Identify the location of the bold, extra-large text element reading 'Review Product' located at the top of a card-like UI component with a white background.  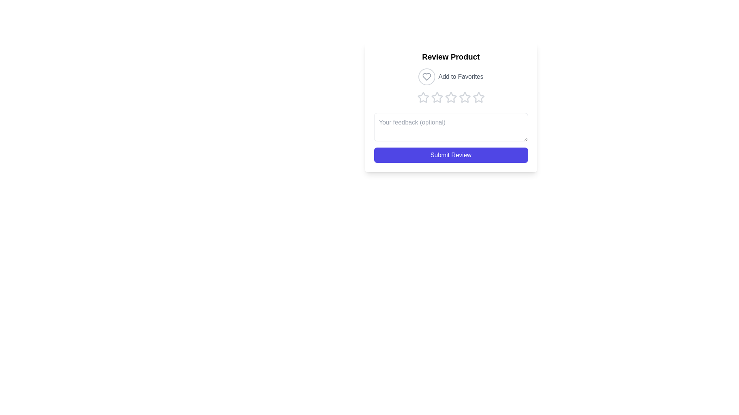
(451, 56).